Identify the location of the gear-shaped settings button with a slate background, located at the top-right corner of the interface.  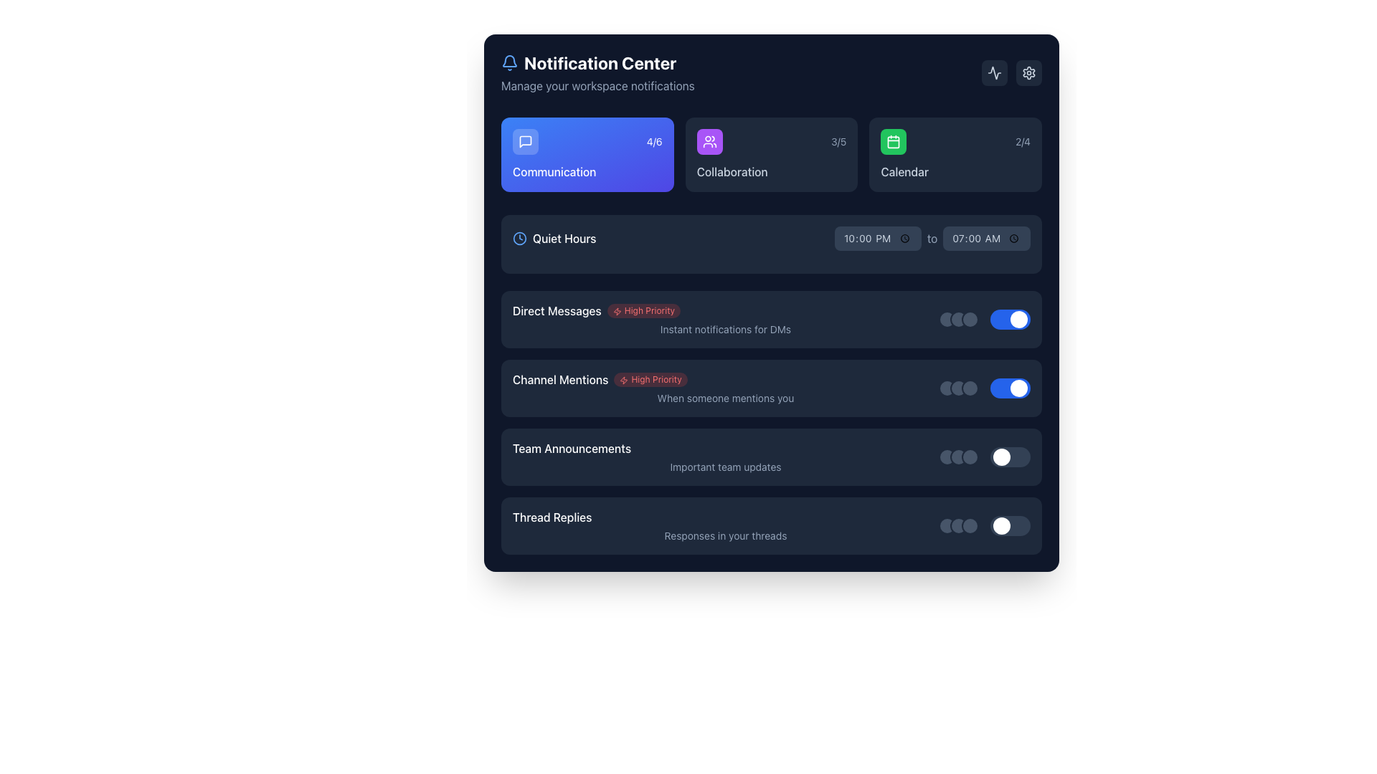
(1028, 72).